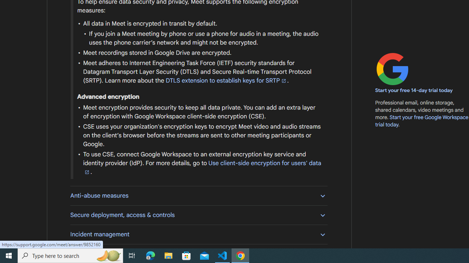  What do you see at coordinates (422, 120) in the screenshot?
I see `'Start your free Google Workspace trial today'` at bounding box center [422, 120].